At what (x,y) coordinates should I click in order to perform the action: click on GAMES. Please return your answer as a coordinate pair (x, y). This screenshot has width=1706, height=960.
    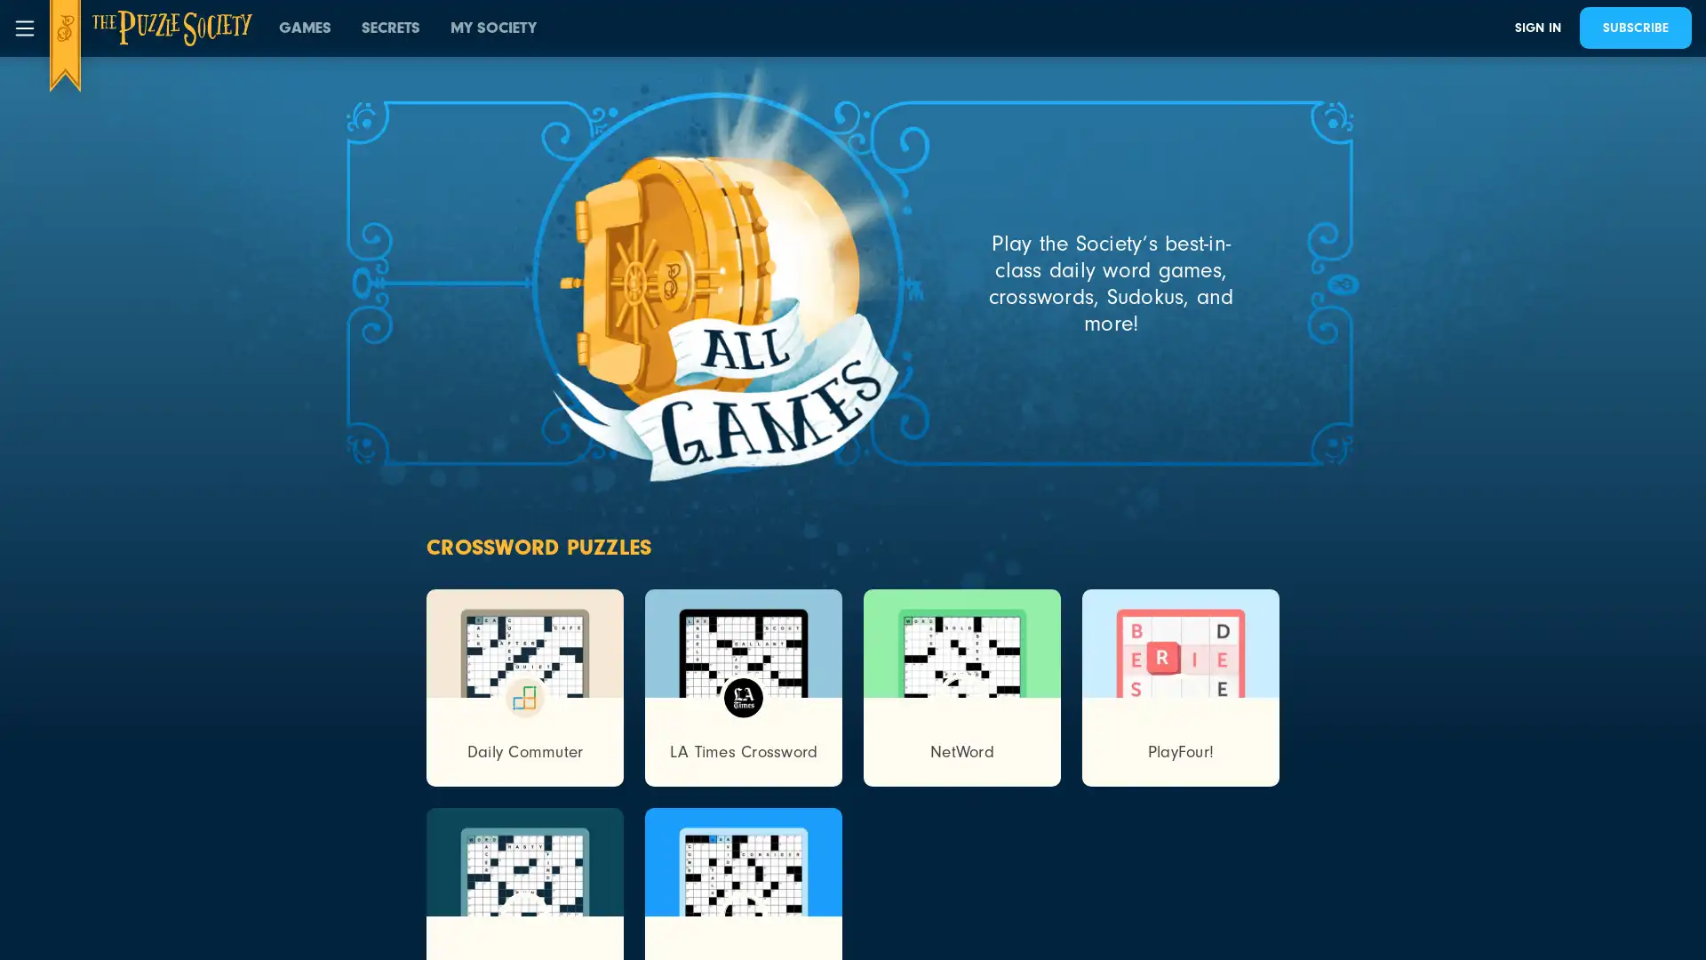
    Looking at the image, I should click on (305, 28).